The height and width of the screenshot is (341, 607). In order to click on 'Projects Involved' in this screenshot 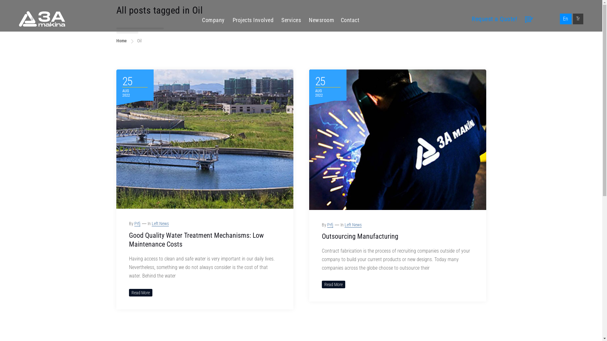, I will do `click(253, 20)`.